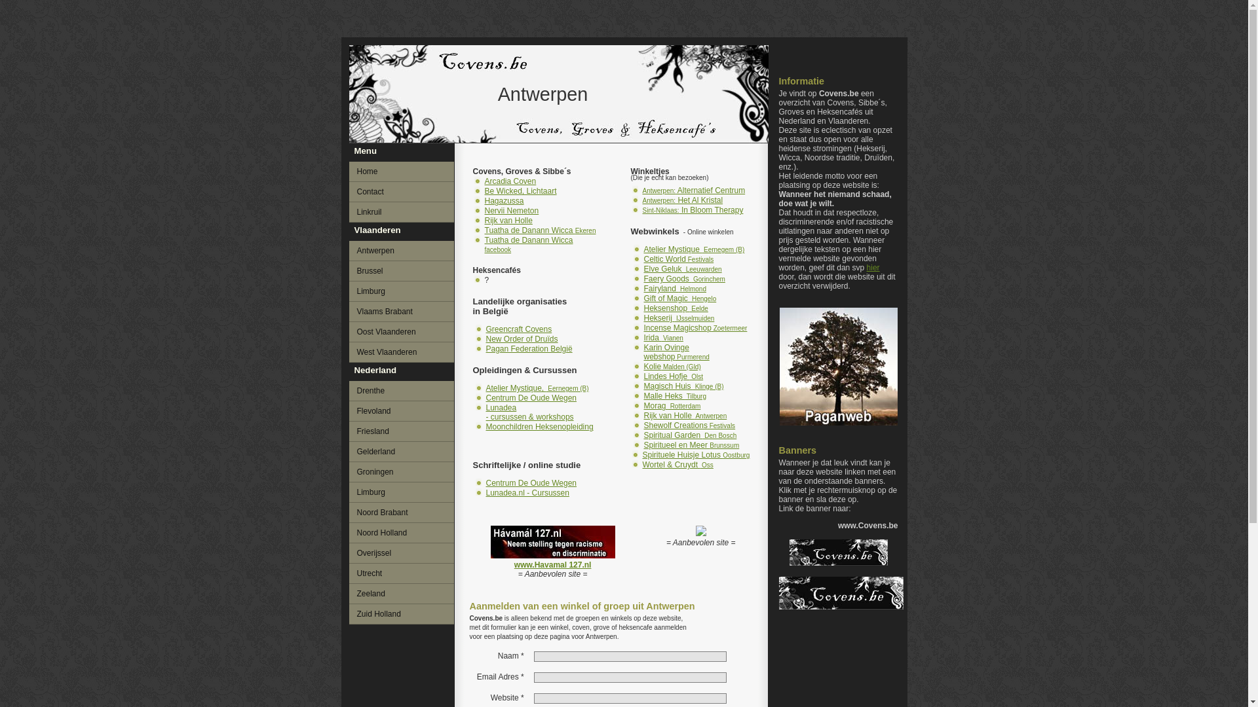  Describe the element at coordinates (643, 376) in the screenshot. I see `'Lindes Hofje  Olst'` at that location.